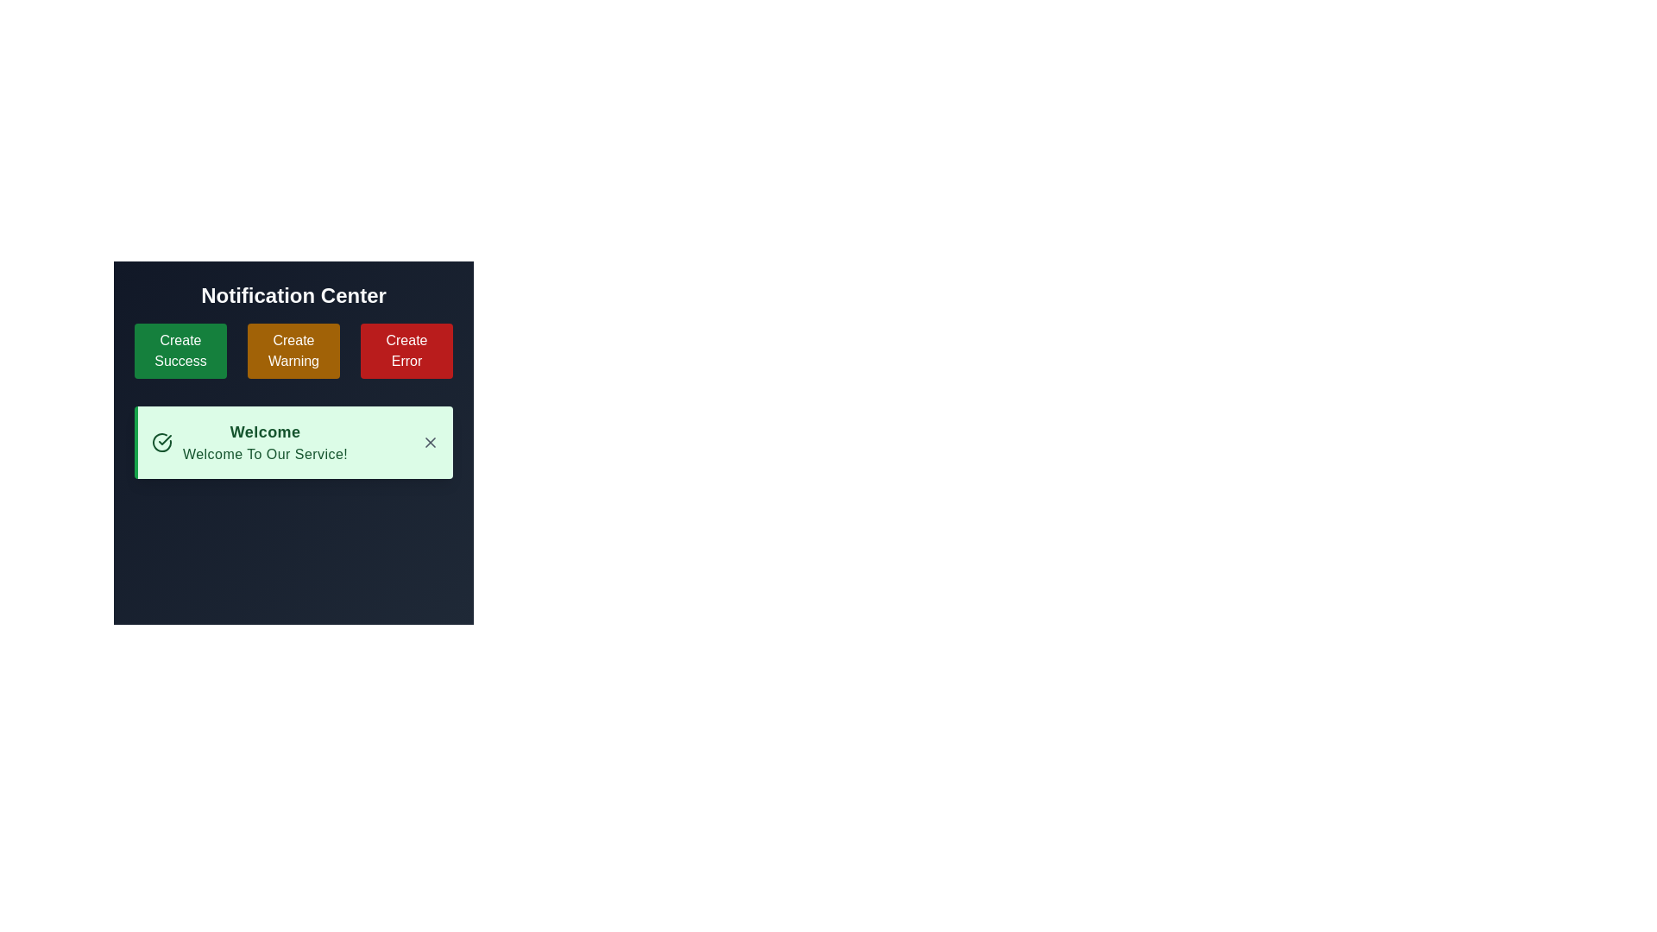 This screenshot has width=1657, height=932. I want to click on the text label that prominently displays the word 'Welcome' at the top of the notification card, so click(264, 431).